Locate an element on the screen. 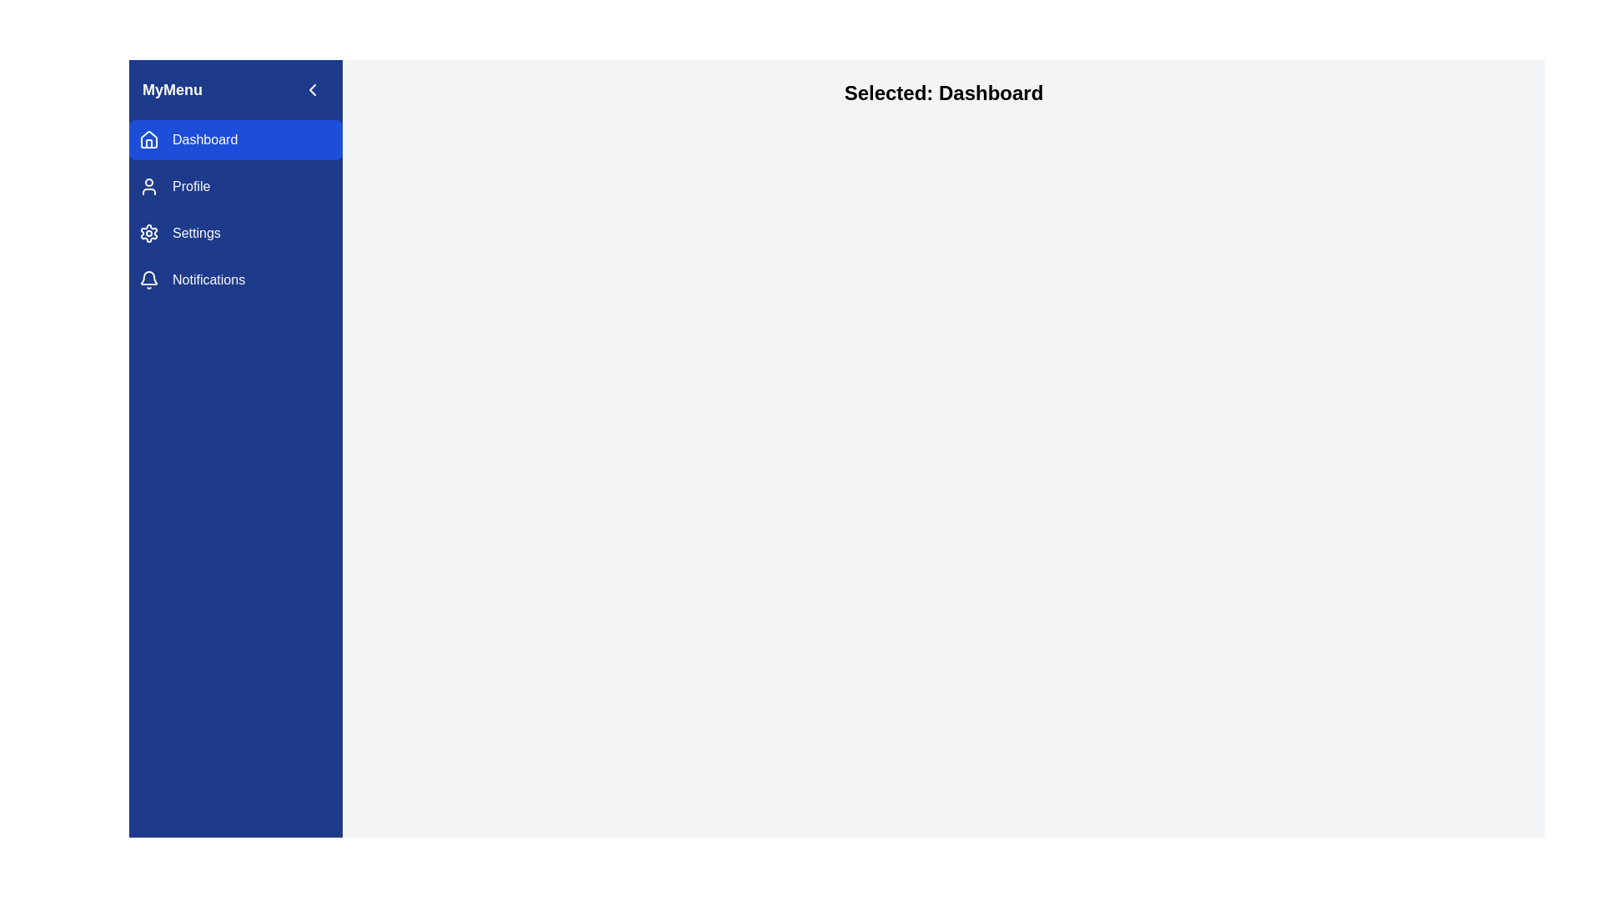 The width and height of the screenshot is (1601, 901). the house-shaped icon located within the 'Dashboard' option of the menu is located at coordinates (148, 139).